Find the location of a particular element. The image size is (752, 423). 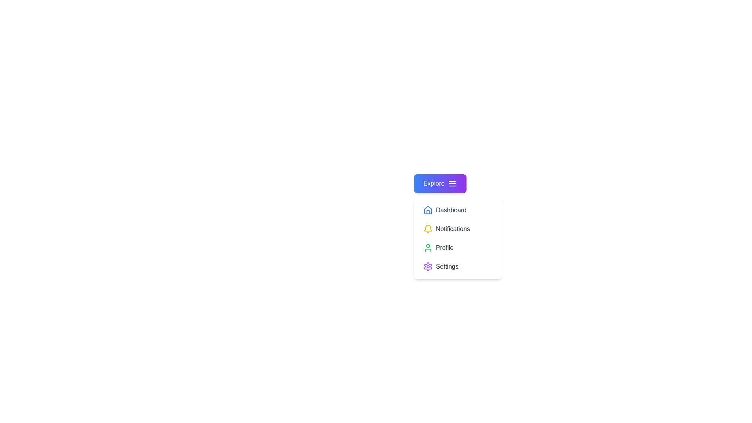

the 'Settings' menu item to select it is located at coordinates (457, 266).